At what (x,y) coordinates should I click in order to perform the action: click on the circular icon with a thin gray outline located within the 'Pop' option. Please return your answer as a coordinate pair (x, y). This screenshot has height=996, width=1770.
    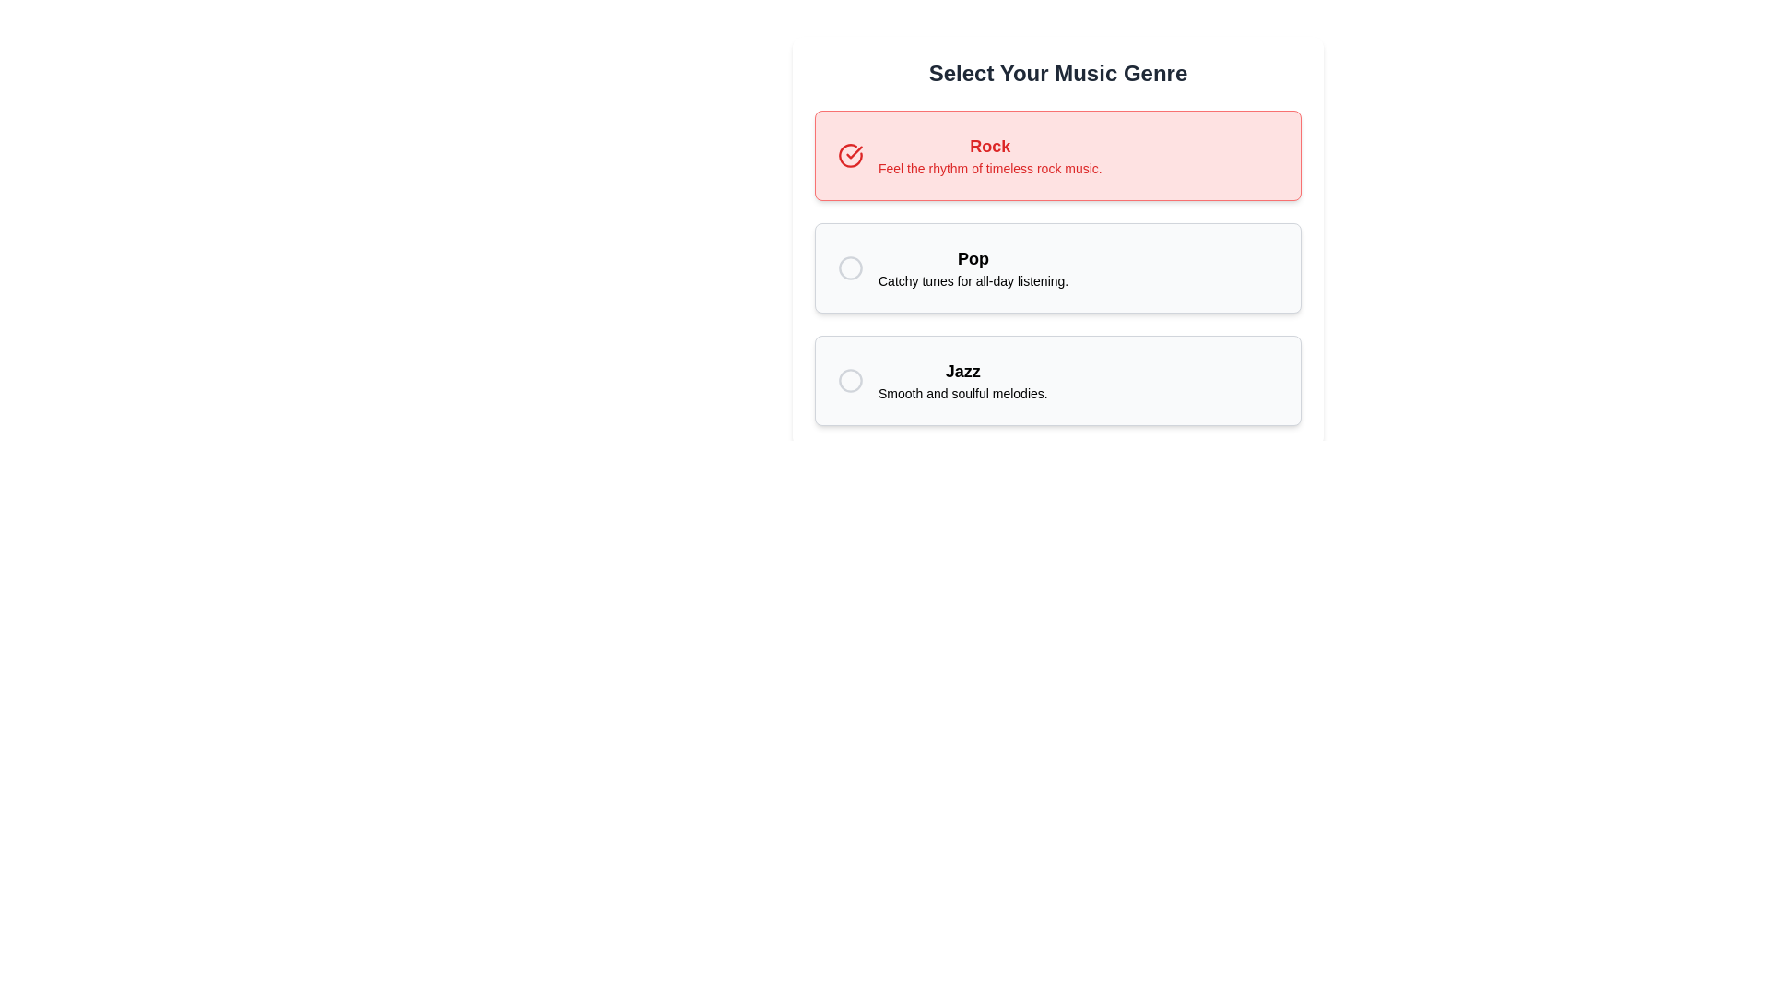
    Looking at the image, I should click on (849, 267).